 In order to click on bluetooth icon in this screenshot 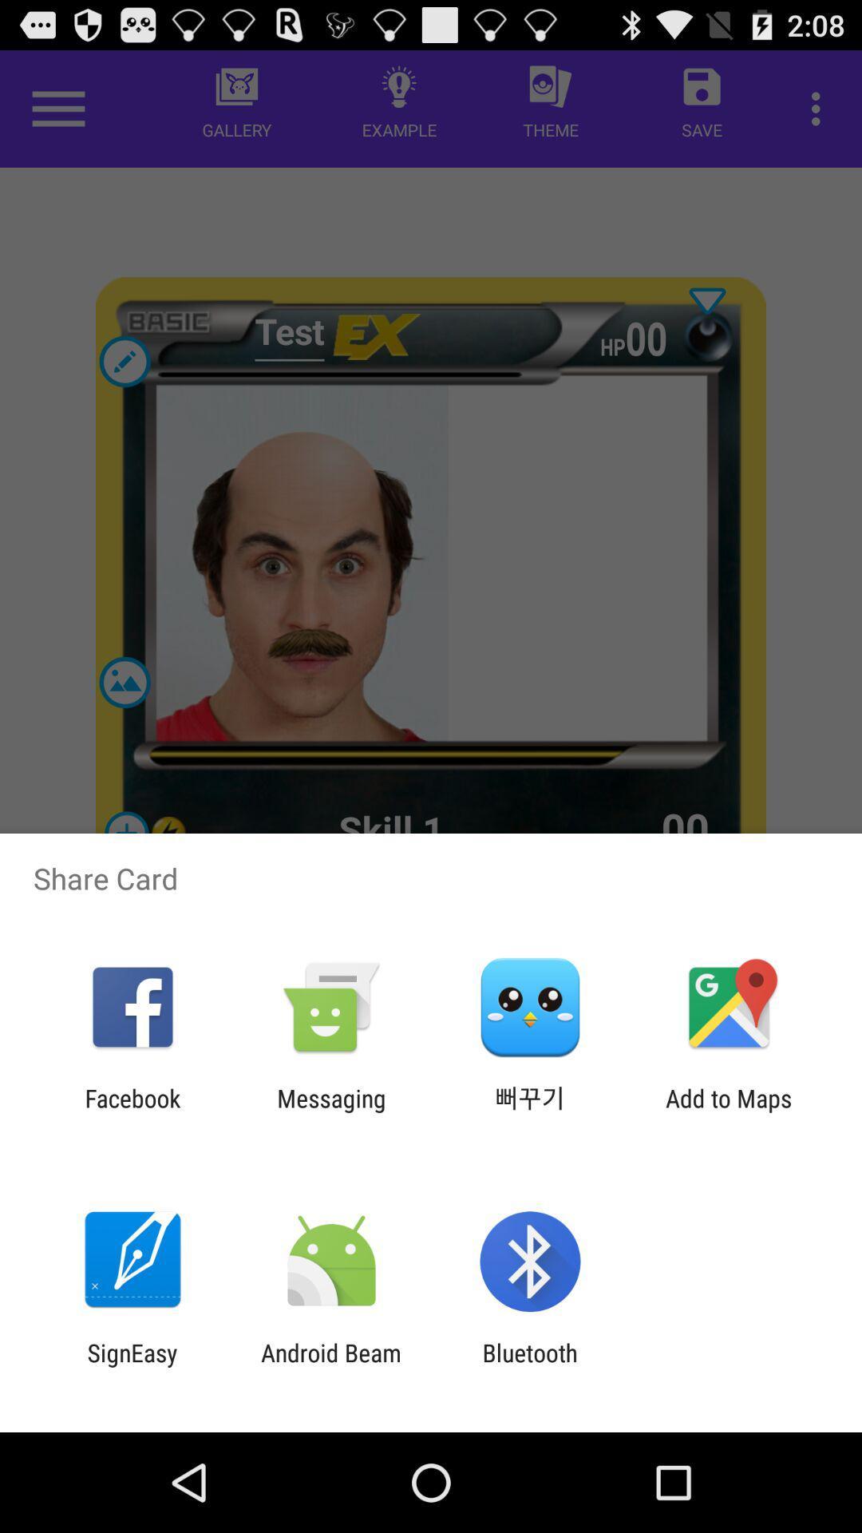, I will do `click(530, 1366)`.